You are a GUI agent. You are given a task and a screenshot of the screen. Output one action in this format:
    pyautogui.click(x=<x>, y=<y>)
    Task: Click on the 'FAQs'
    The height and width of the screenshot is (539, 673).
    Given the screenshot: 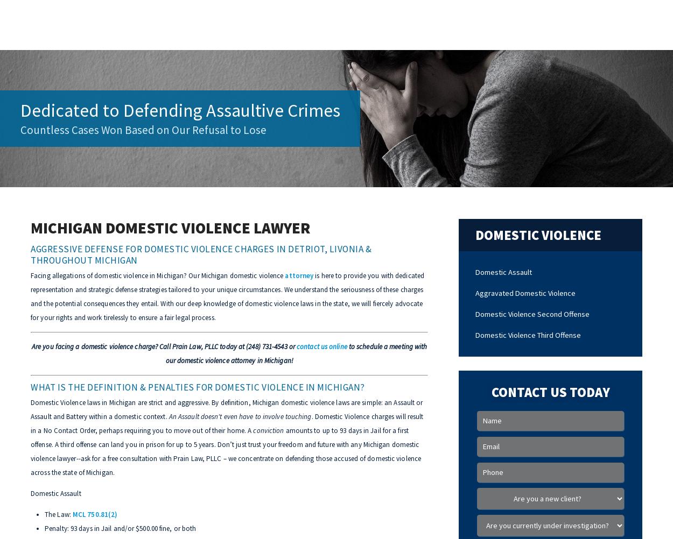 What is the action you would take?
    pyautogui.click(x=407, y=24)
    